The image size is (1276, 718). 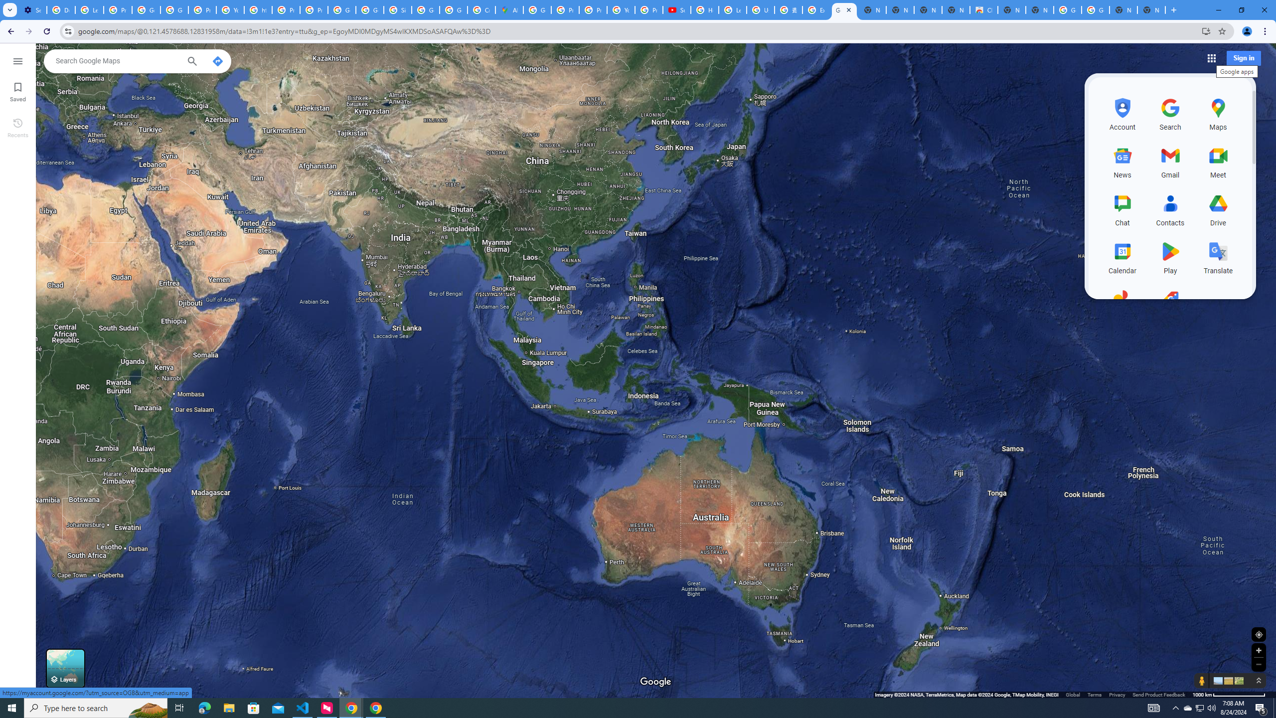 What do you see at coordinates (984, 9) in the screenshot?
I see `'Chrome Web Store'` at bounding box center [984, 9].